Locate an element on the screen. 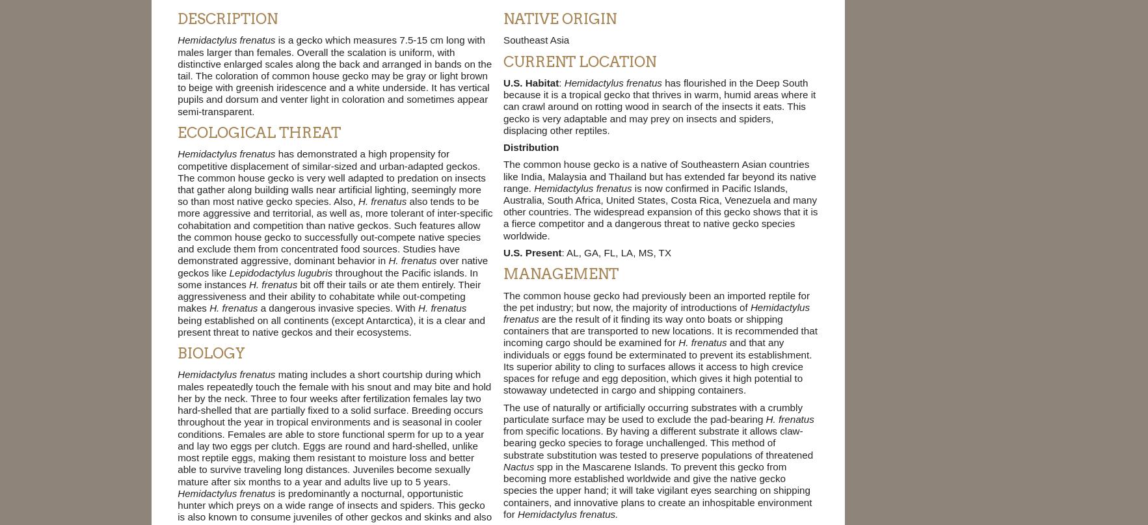 This screenshot has width=1148, height=525. 'is now confirmed in Pacific Islands, Australia, South Africa, United States, Costa Rica, Venezuela and many other countries. The widespread expansion of this gecko shows that it is a fierce competitor and a dangerous threat to native gecko species worldwide.' is located at coordinates (660, 211).